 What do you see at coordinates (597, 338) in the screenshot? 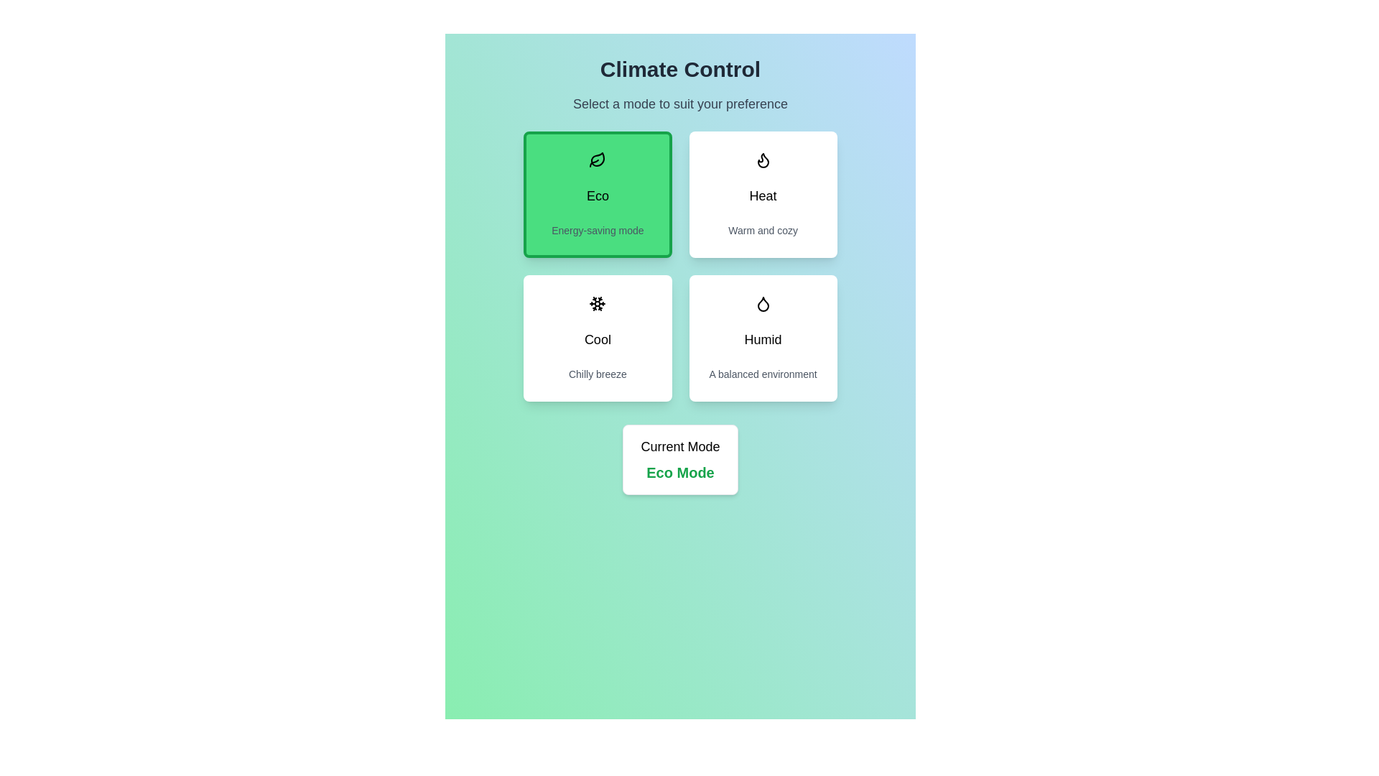
I see `the button corresponding to the mode Cool` at bounding box center [597, 338].